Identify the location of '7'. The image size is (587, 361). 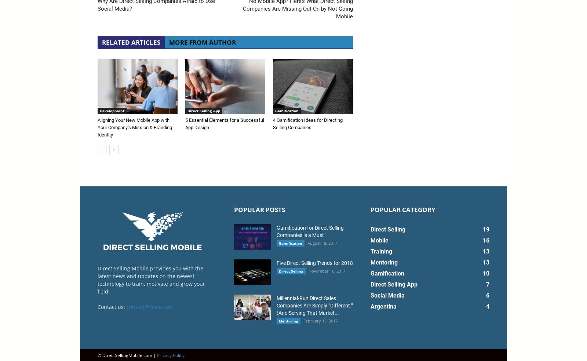
(487, 284).